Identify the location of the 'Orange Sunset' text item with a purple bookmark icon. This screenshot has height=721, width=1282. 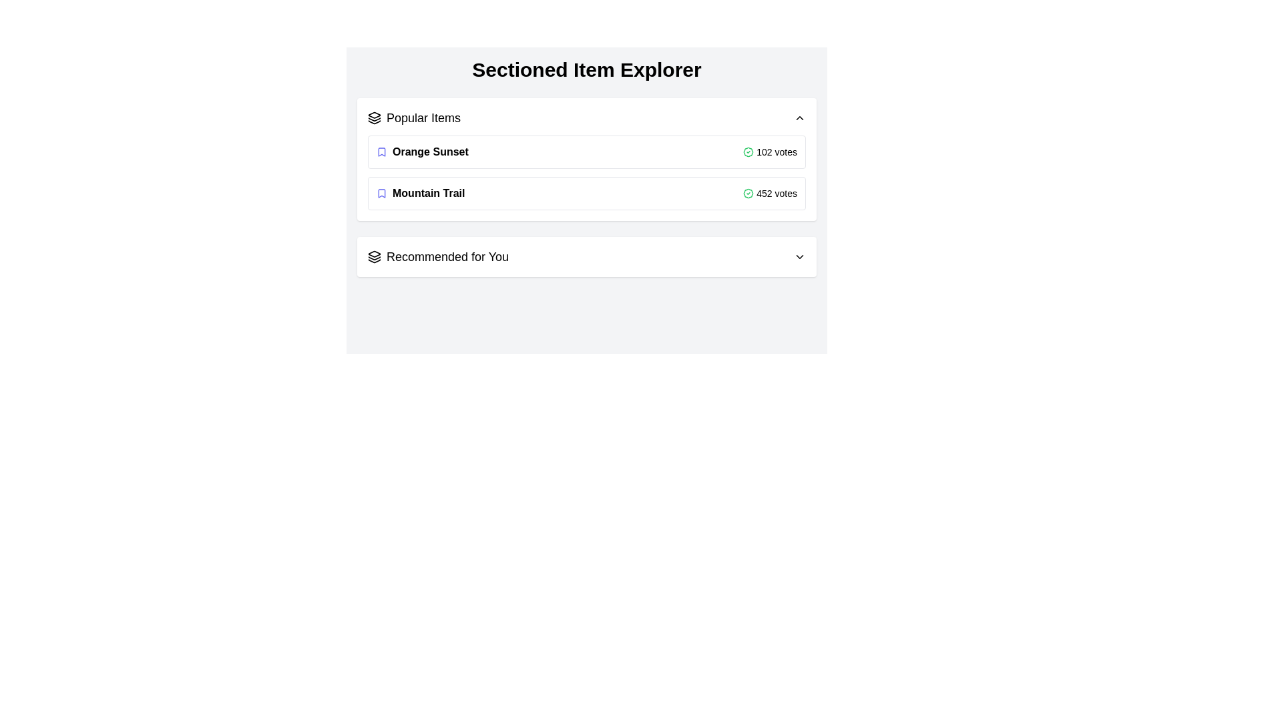
(421, 151).